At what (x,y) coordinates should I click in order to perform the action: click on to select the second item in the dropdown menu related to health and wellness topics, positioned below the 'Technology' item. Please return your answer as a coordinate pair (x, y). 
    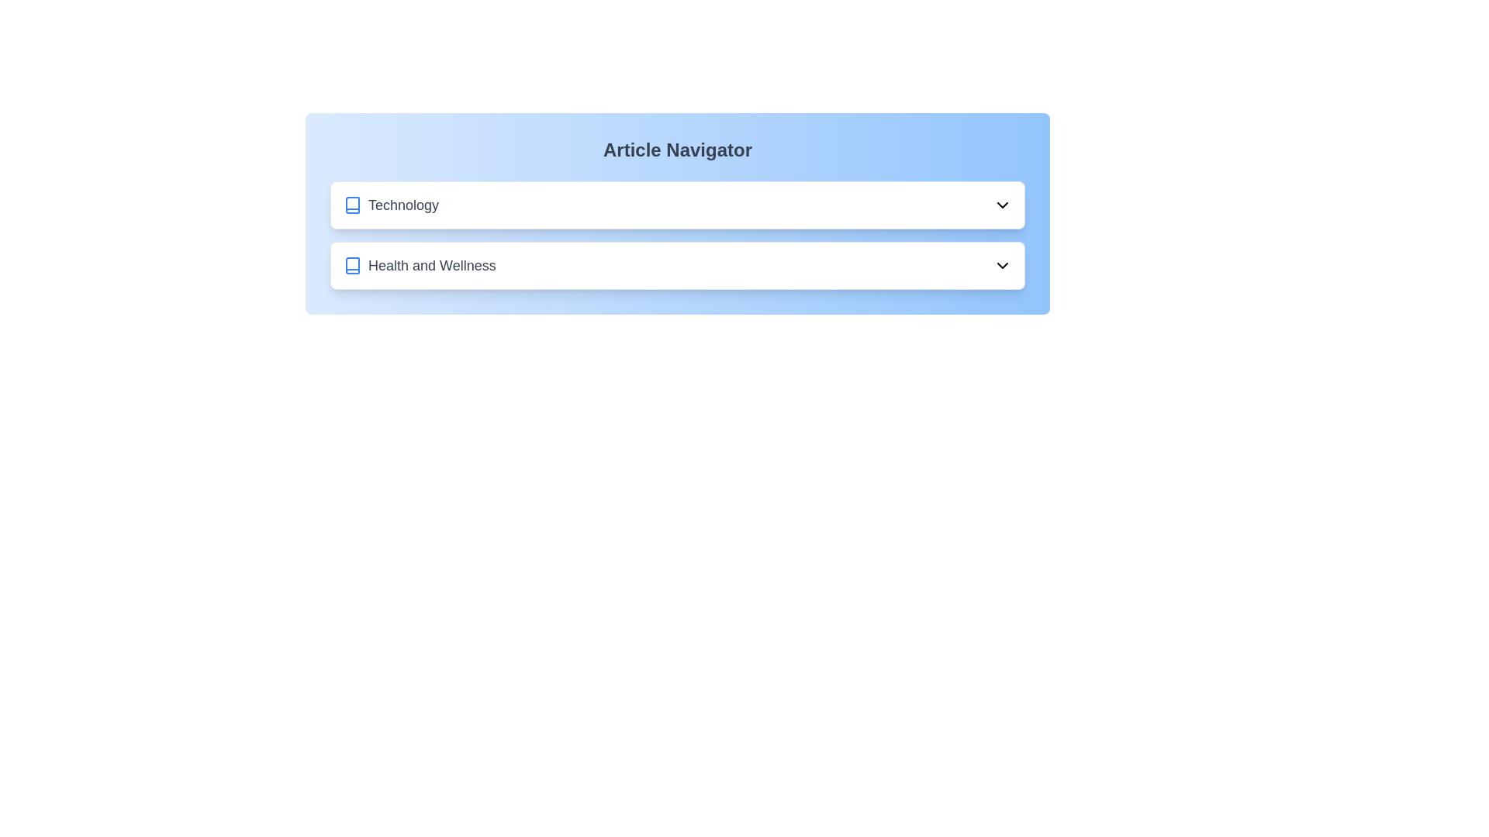
    Looking at the image, I should click on (677, 265).